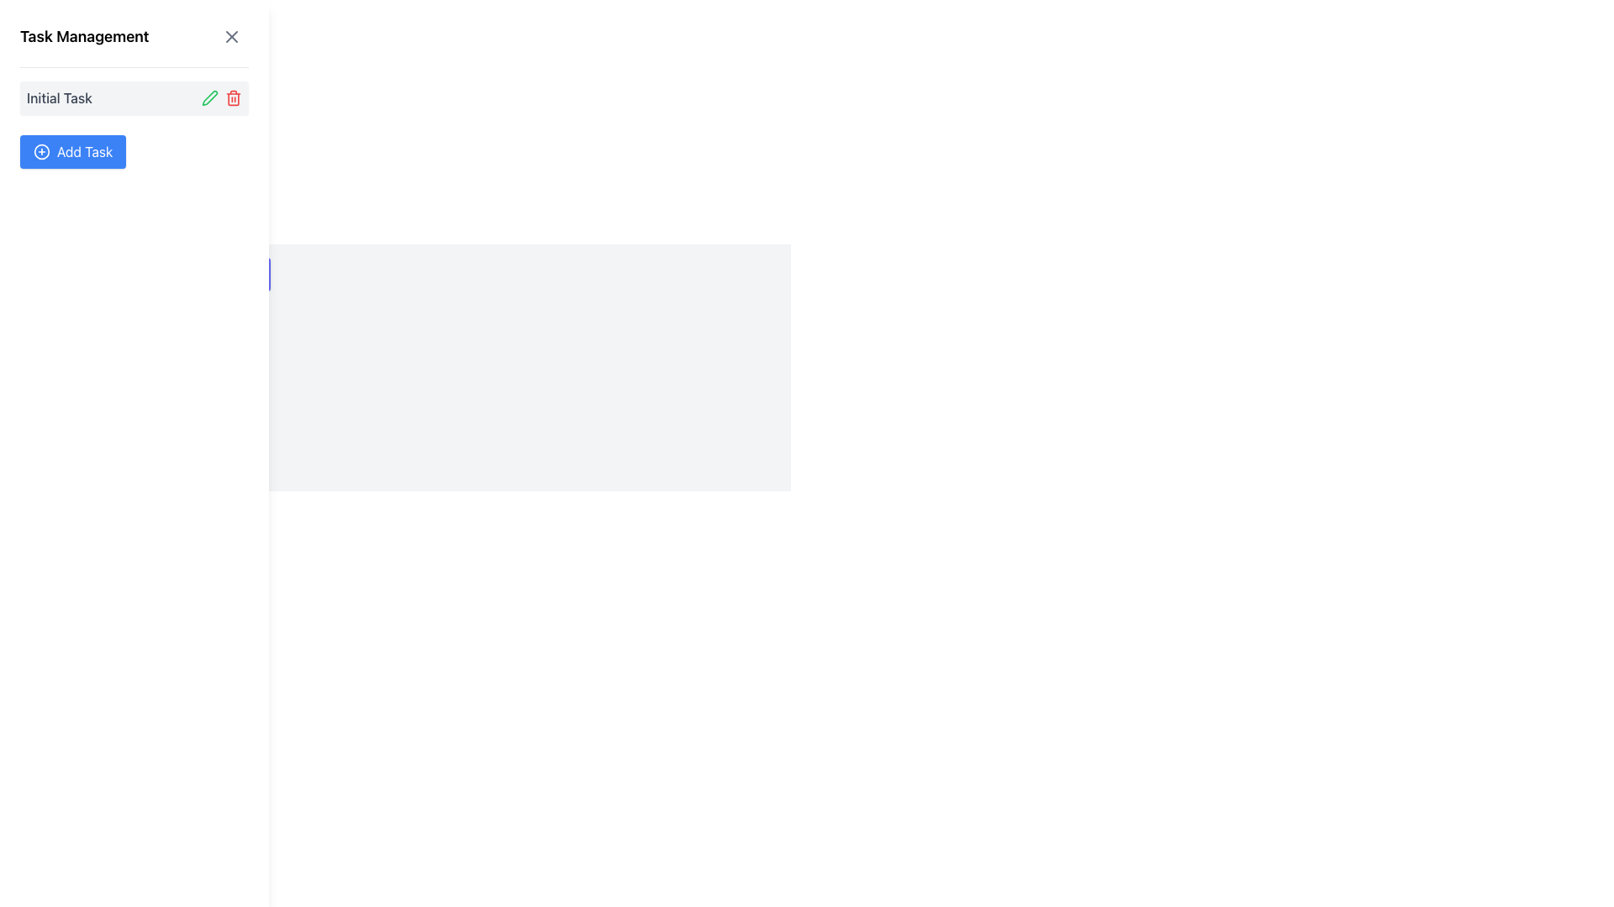 Image resolution: width=1614 pixels, height=907 pixels. Describe the element at coordinates (83, 152) in the screenshot. I see `the text label within the button that triggers the addition of a new task, located near the right side of the button, adjacent to a plus icon` at that location.